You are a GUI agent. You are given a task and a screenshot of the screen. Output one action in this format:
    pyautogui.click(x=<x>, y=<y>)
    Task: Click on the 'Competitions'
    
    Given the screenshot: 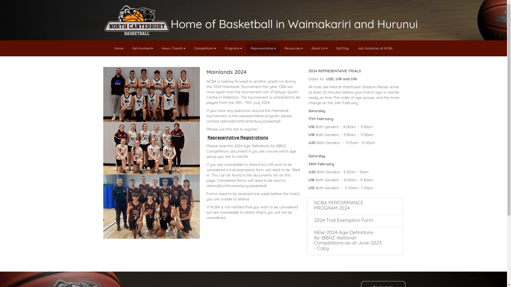 What is the action you would take?
    pyautogui.click(x=205, y=48)
    